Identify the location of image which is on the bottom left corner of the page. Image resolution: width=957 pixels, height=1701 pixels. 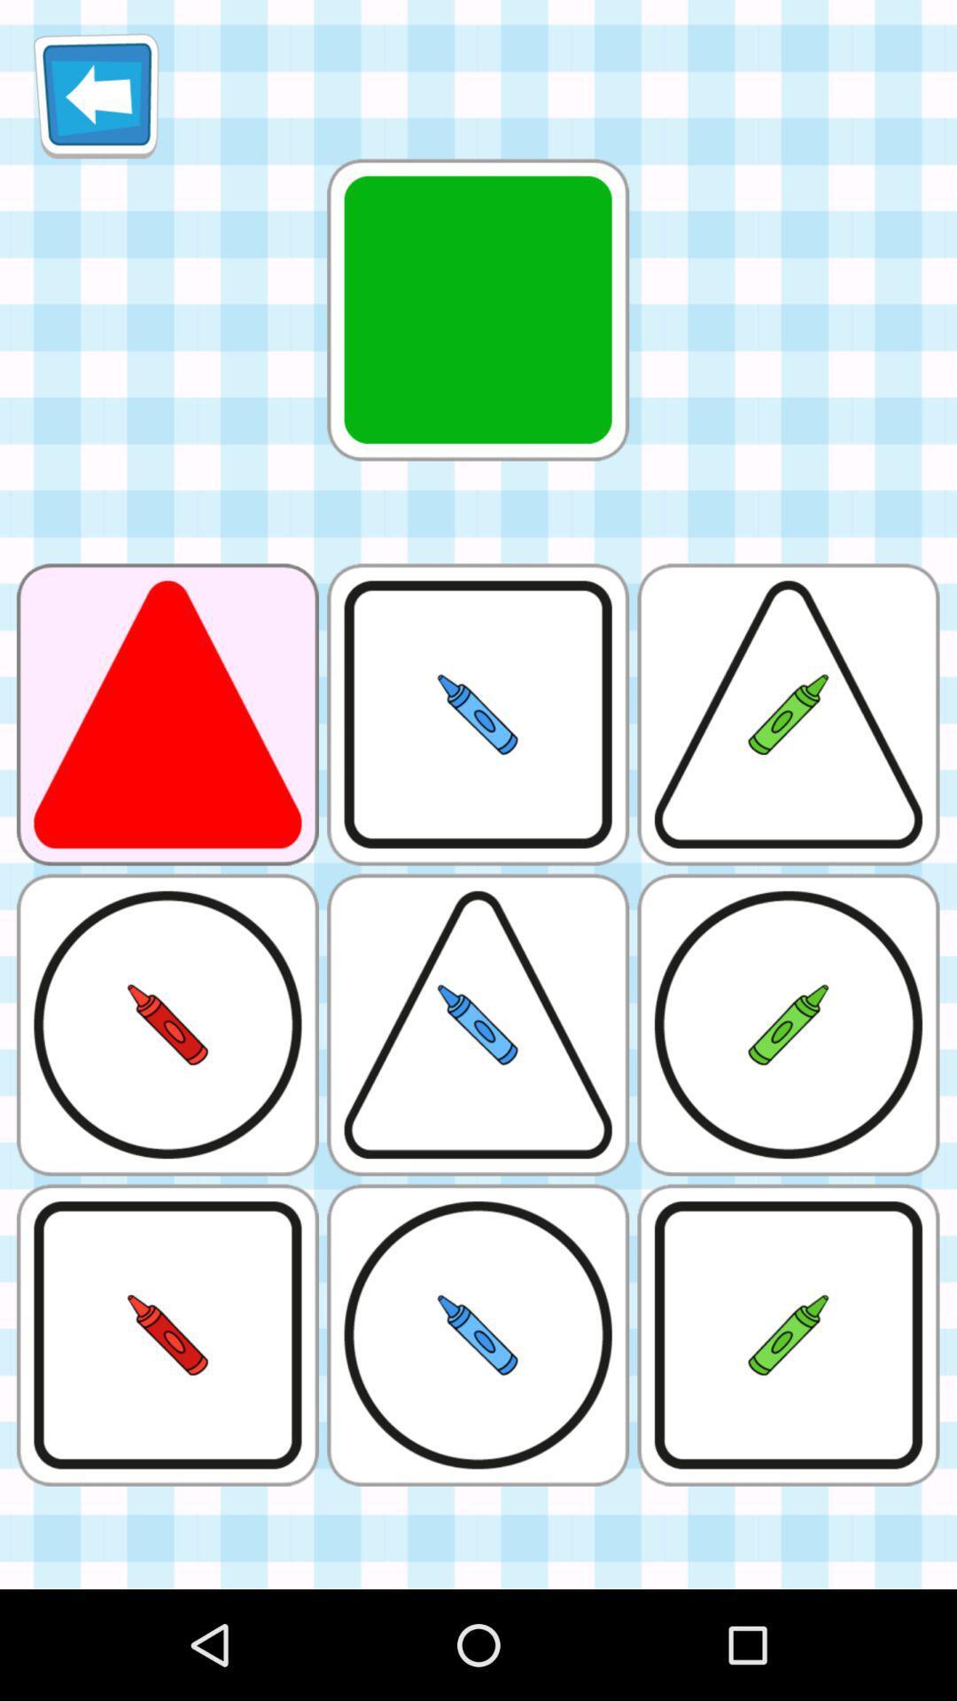
(167, 1335).